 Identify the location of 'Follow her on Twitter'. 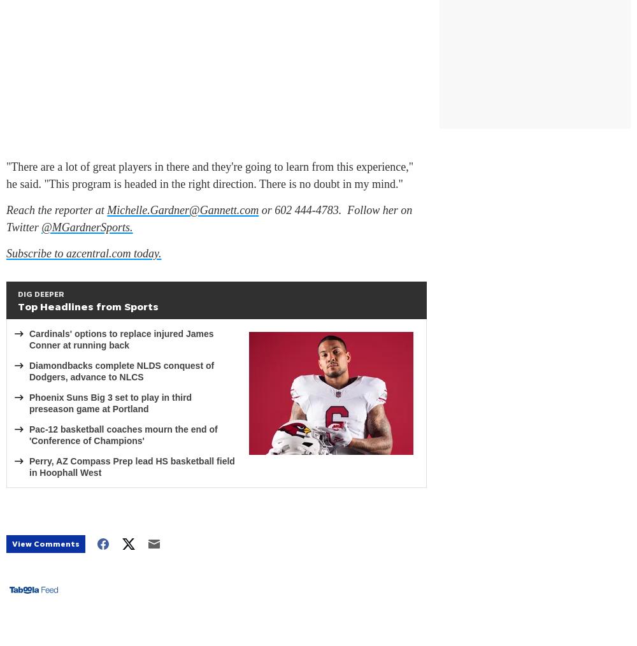
(6, 218).